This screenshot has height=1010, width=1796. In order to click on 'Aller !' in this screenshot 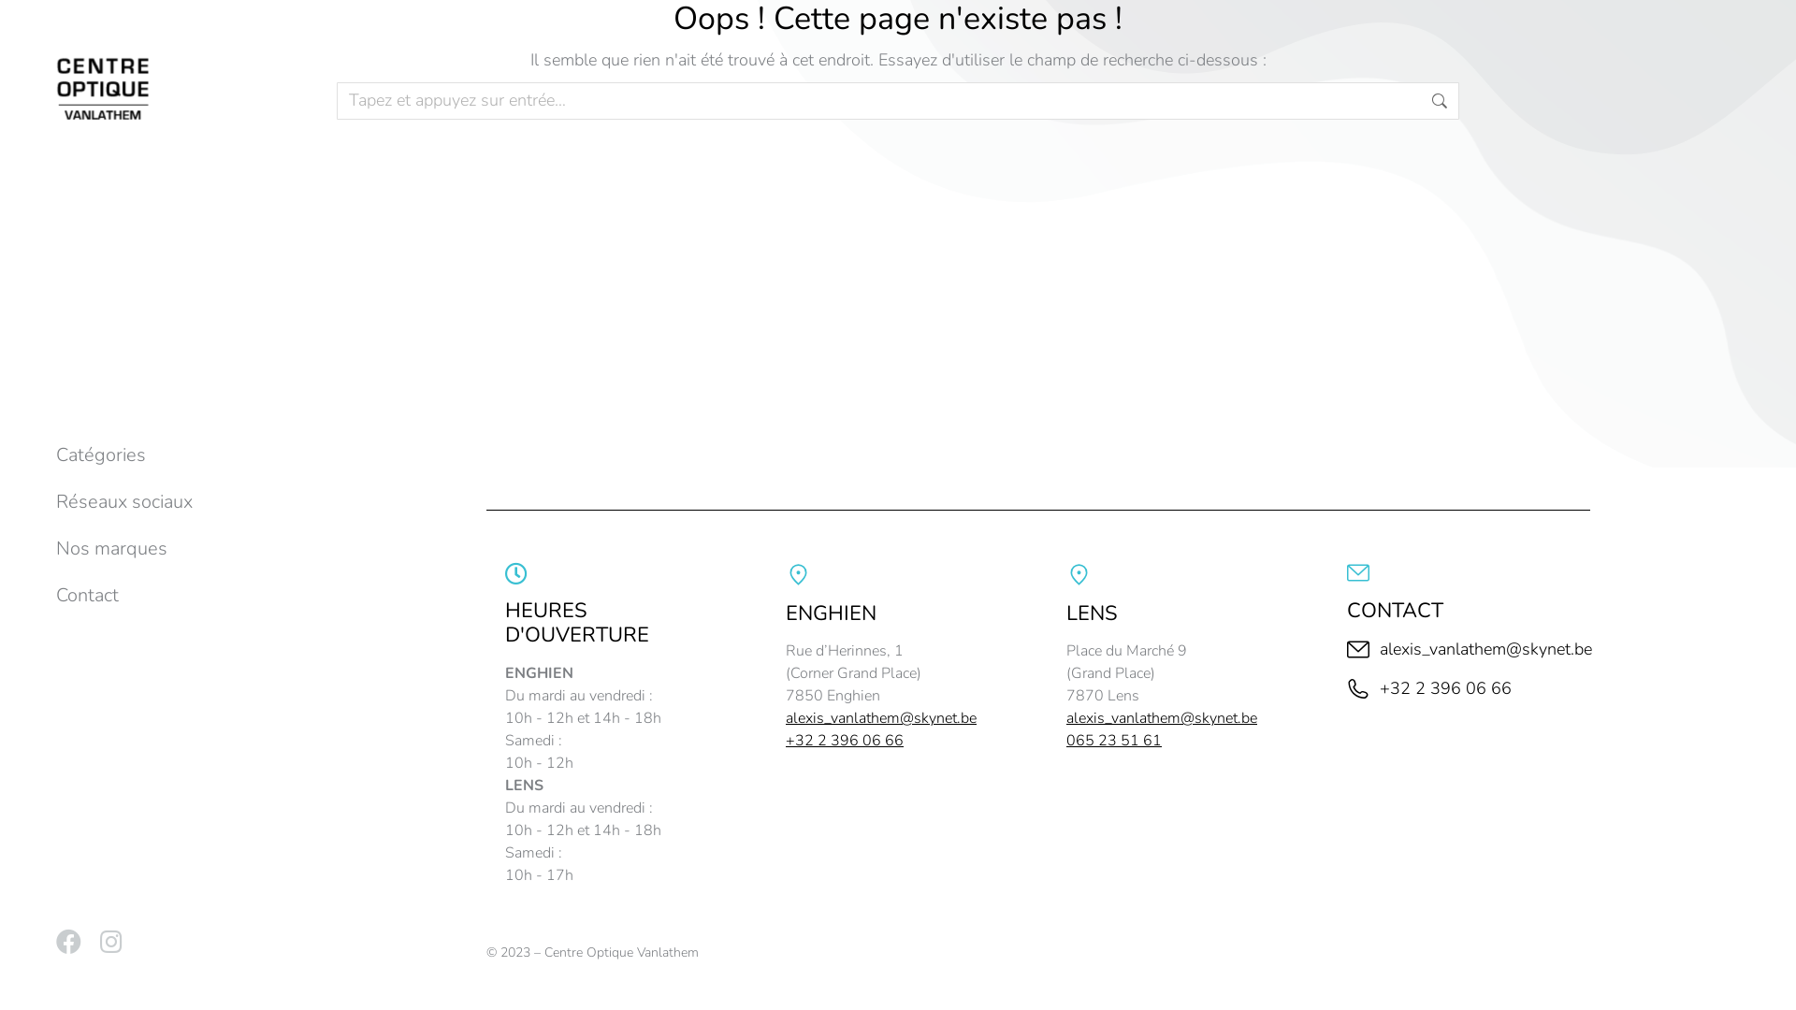, I will do `click(1488, 97)`.